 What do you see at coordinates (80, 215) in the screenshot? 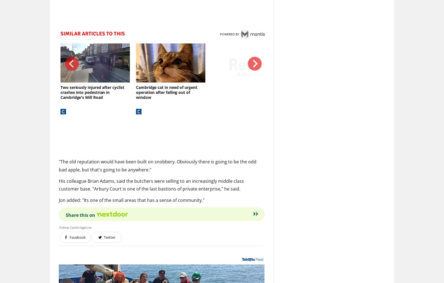
I see `'Share this on'` at bounding box center [80, 215].